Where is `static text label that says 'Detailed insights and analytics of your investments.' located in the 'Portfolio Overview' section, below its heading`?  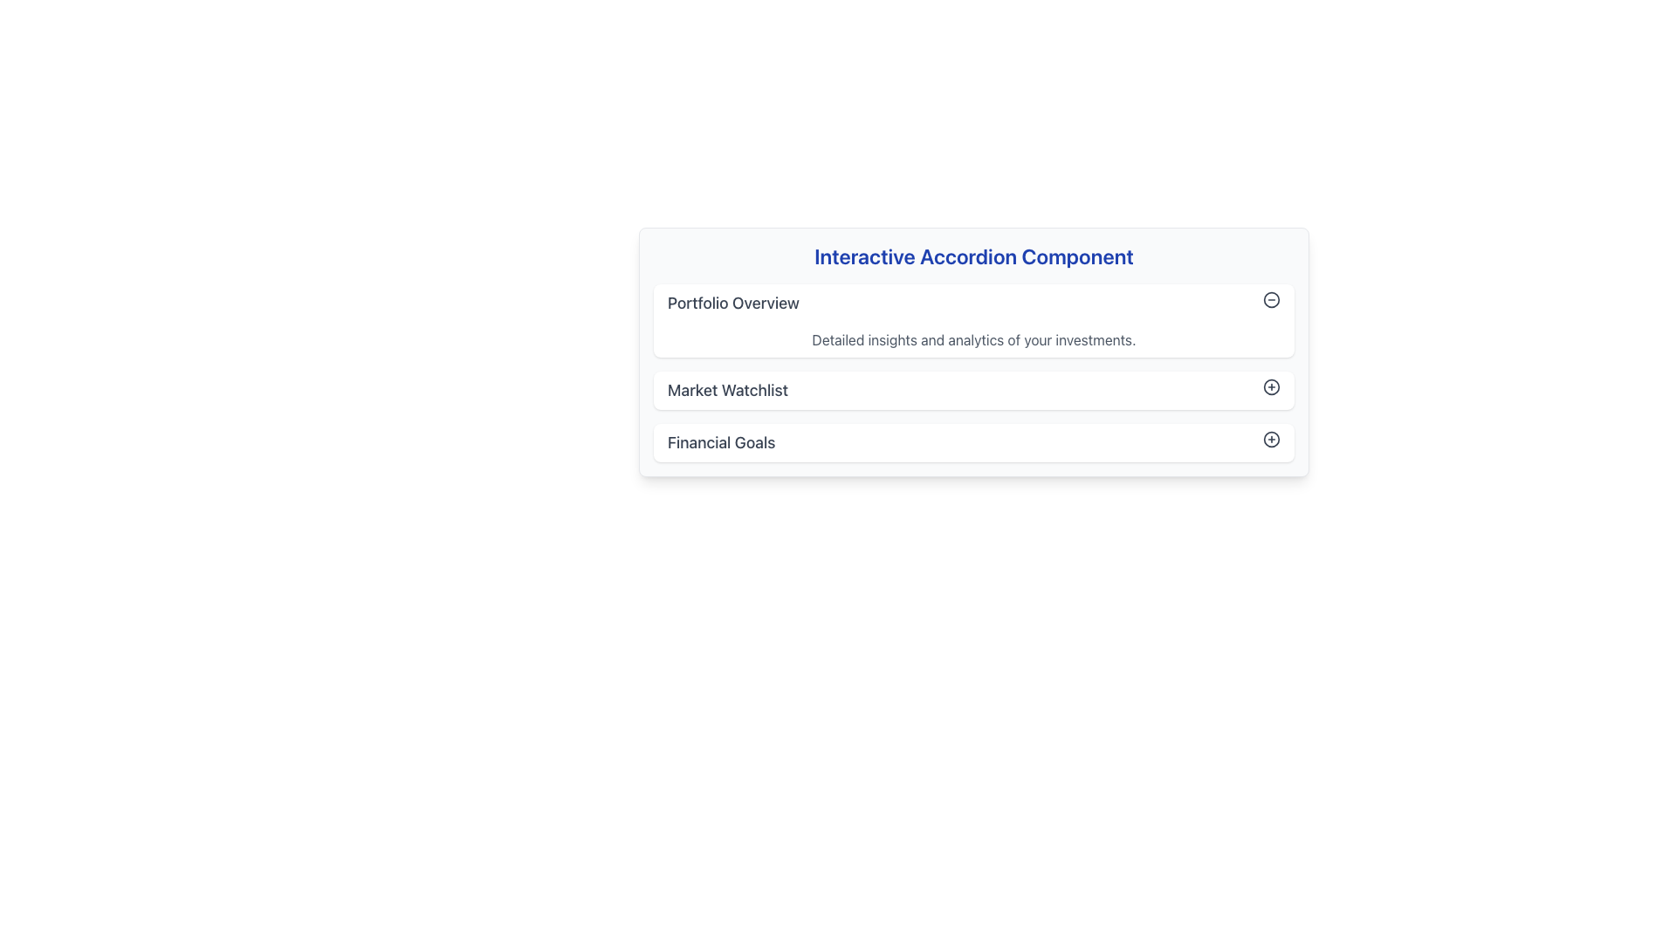 static text label that says 'Detailed insights and analytics of your investments.' located in the 'Portfolio Overview' section, below its heading is located at coordinates (973, 339).